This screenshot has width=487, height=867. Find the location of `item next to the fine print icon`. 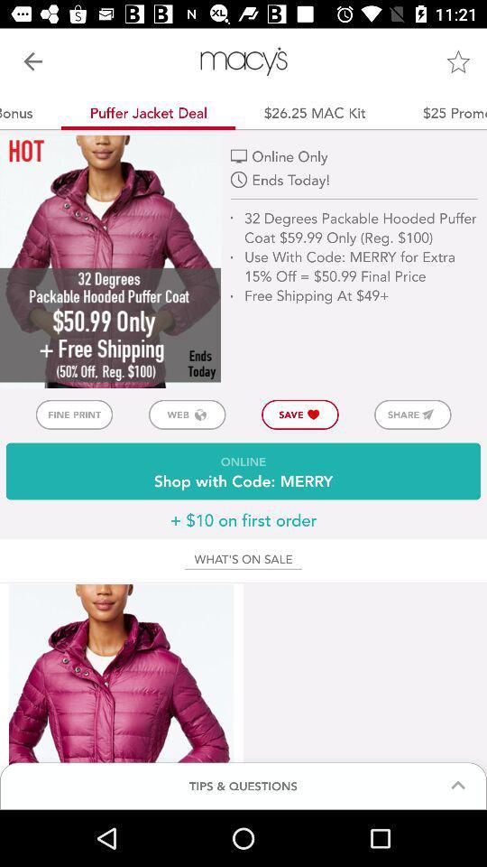

item next to the fine print icon is located at coordinates (186, 415).